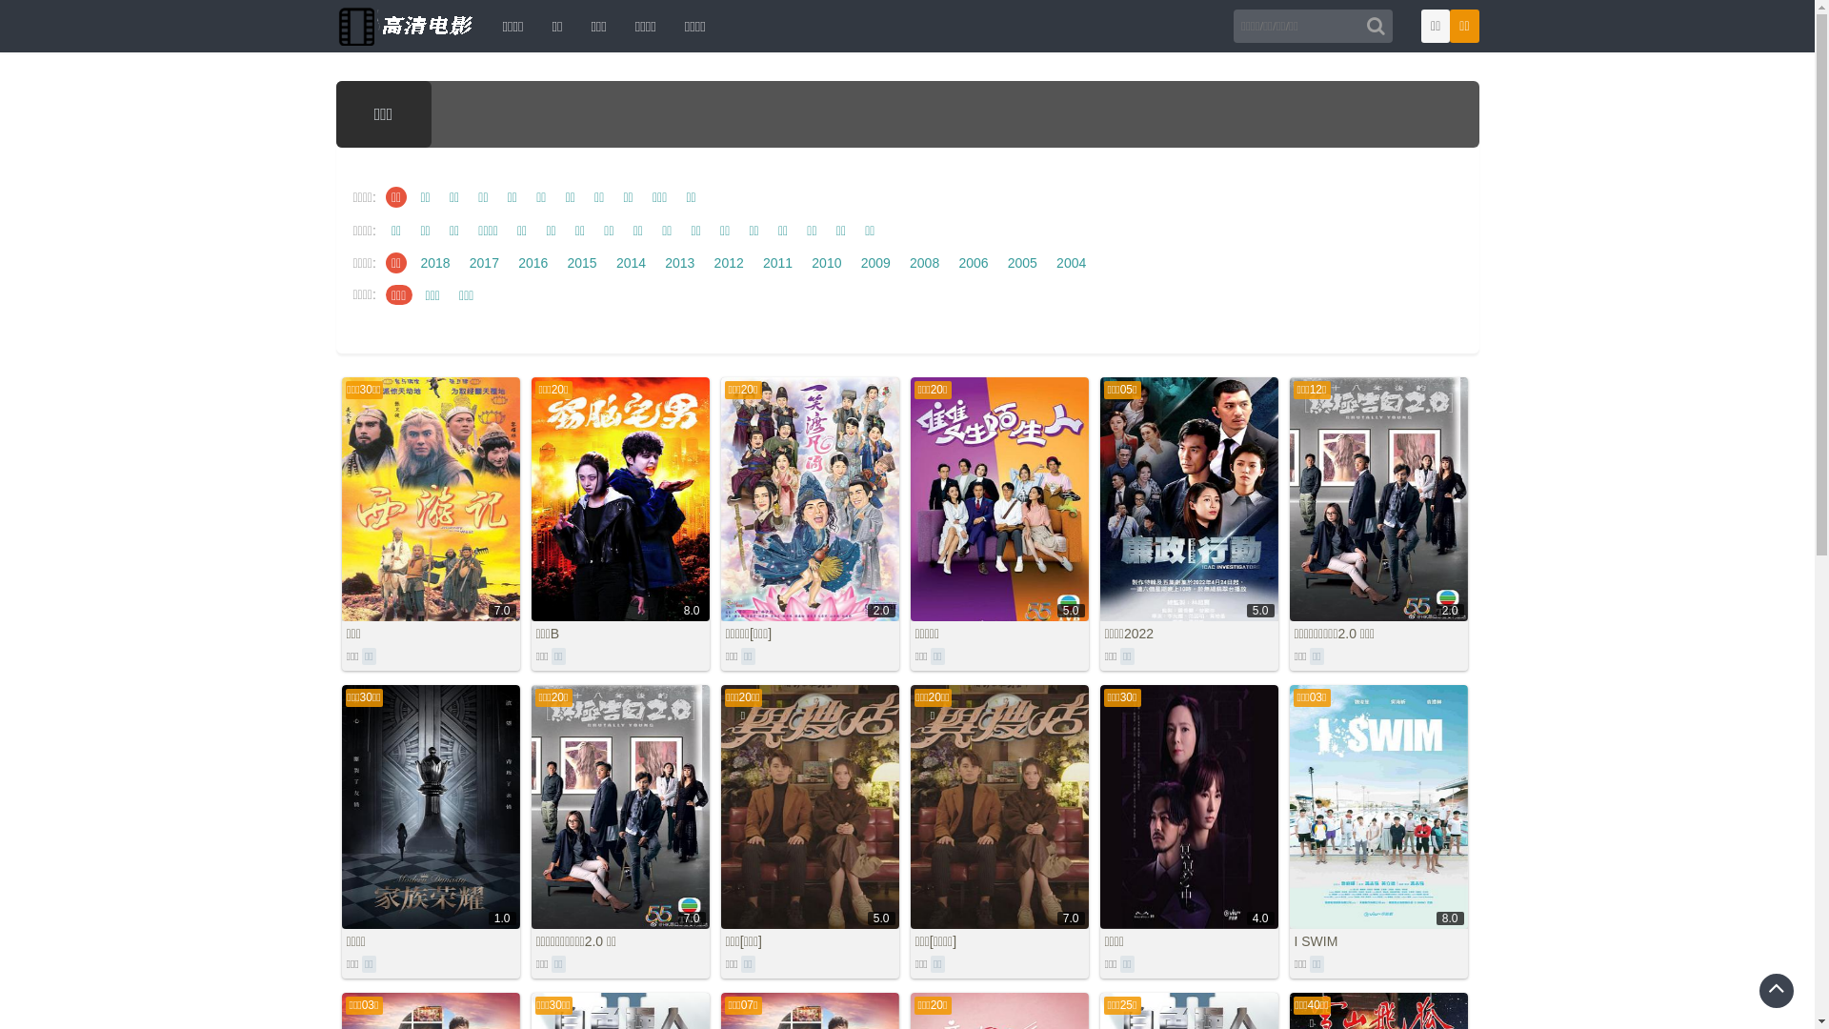 This screenshot has width=1829, height=1029. What do you see at coordinates (924, 263) in the screenshot?
I see `'2008'` at bounding box center [924, 263].